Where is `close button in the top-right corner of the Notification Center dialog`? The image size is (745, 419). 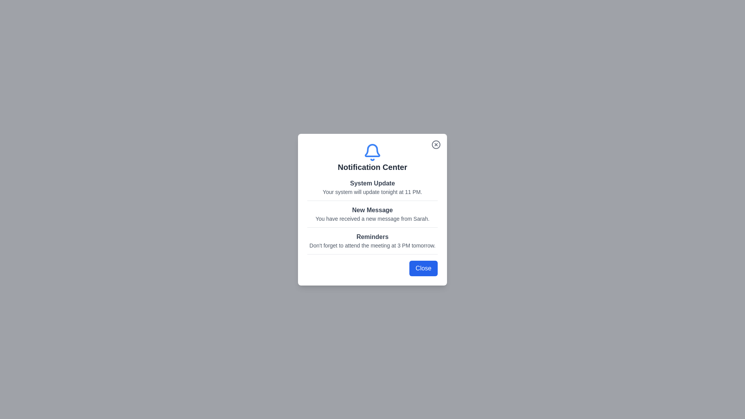 close button in the top-right corner of the Notification Center dialog is located at coordinates (436, 144).